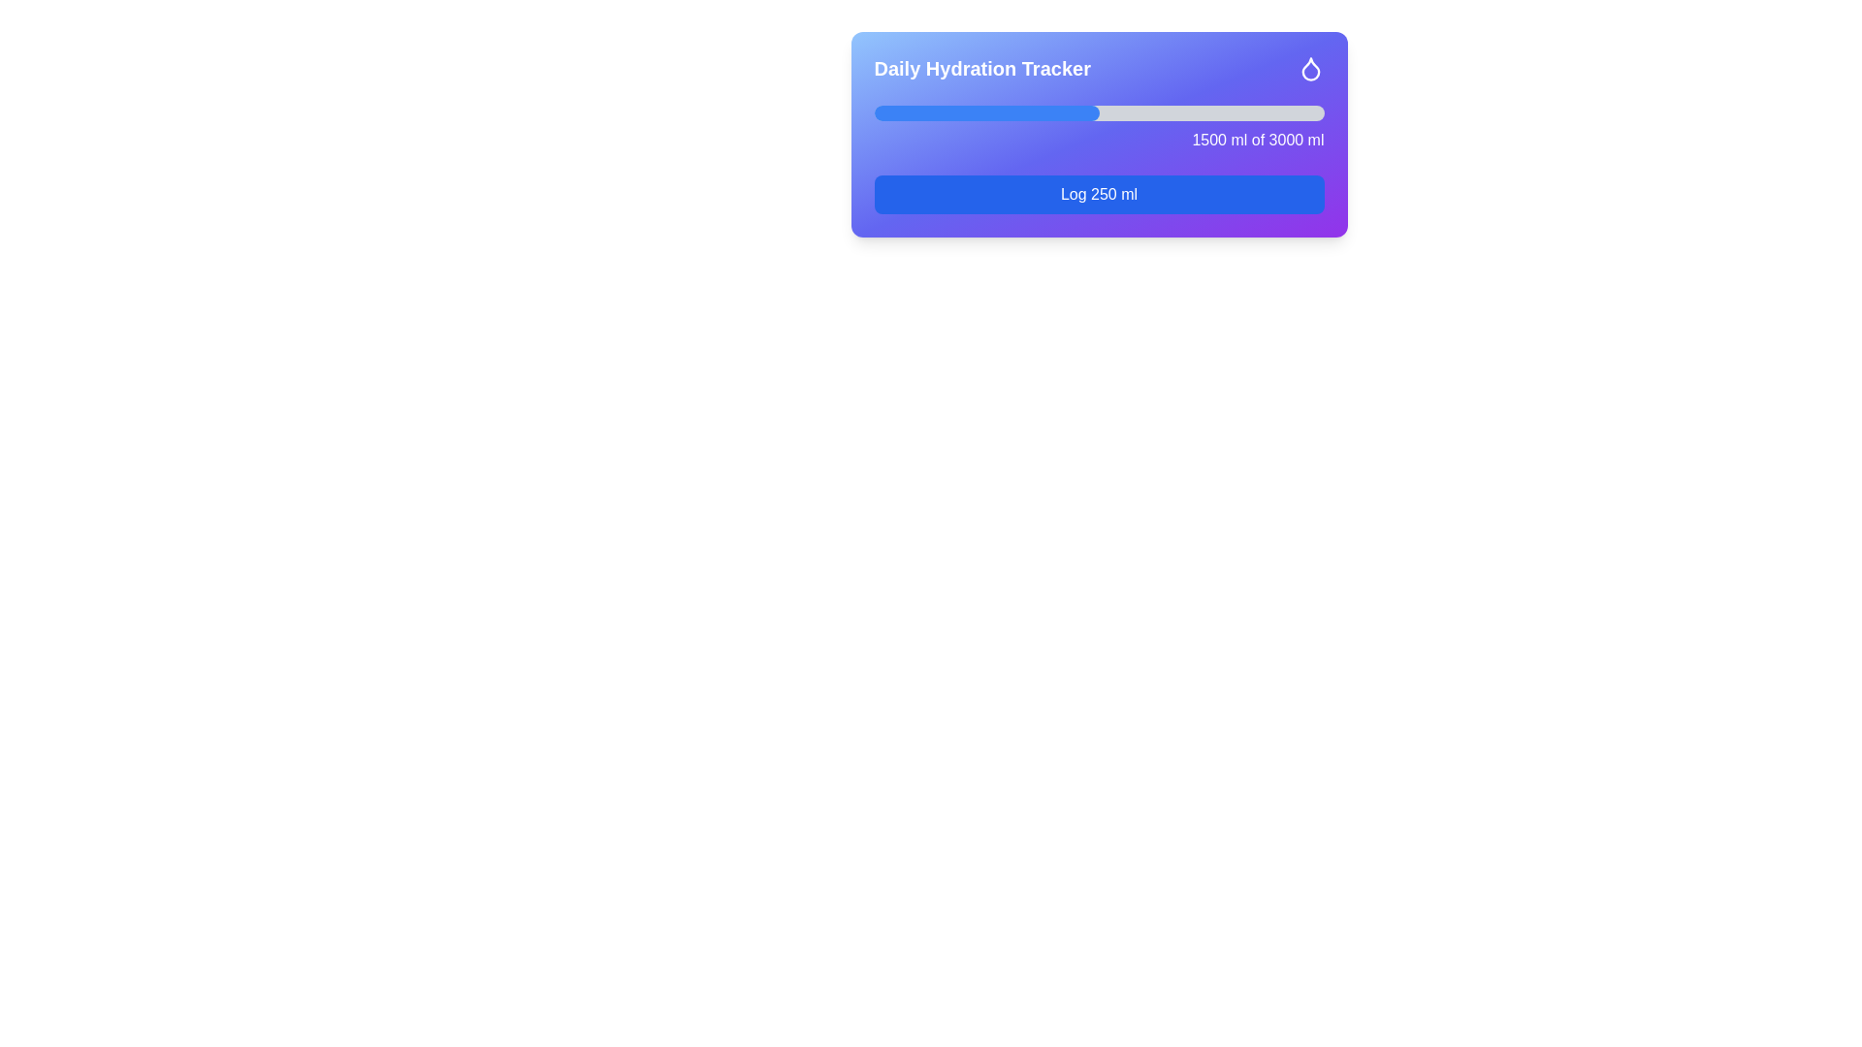 The width and height of the screenshot is (1862, 1047). What do you see at coordinates (1099, 128) in the screenshot?
I see `the hydration progress bar located below the 'Daily Hydration Tracker' header and above the 'Log 250 ml' button` at bounding box center [1099, 128].